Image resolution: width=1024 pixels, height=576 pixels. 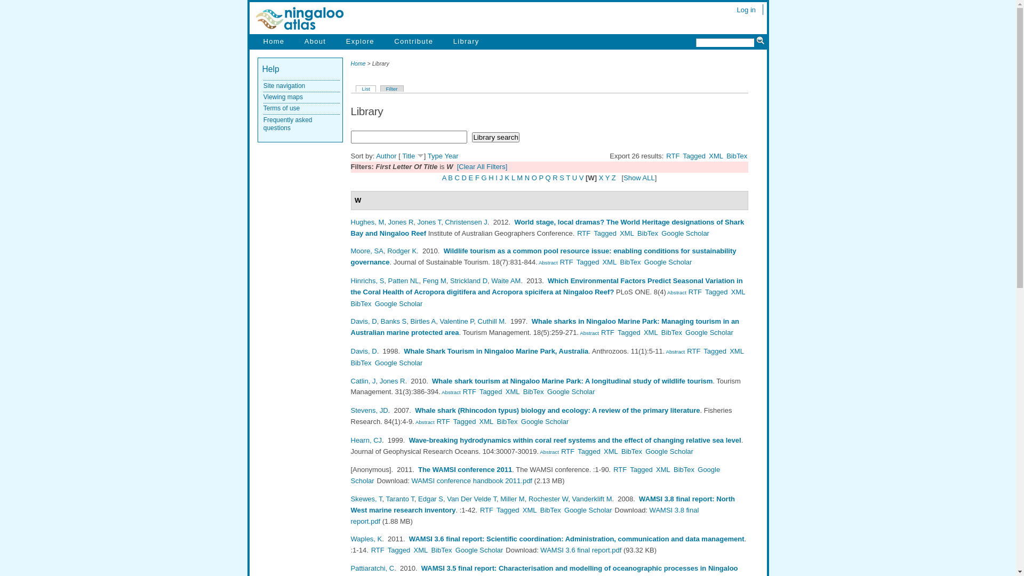 I want to click on 'G', so click(x=483, y=177).